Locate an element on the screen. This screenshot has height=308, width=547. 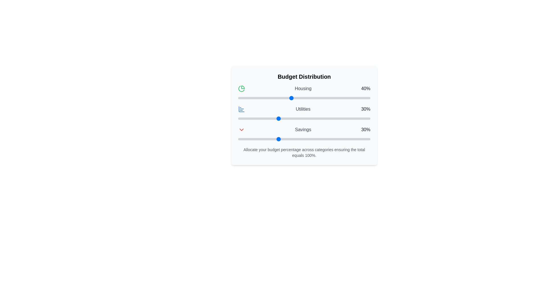
the slider value is located at coordinates (351, 118).